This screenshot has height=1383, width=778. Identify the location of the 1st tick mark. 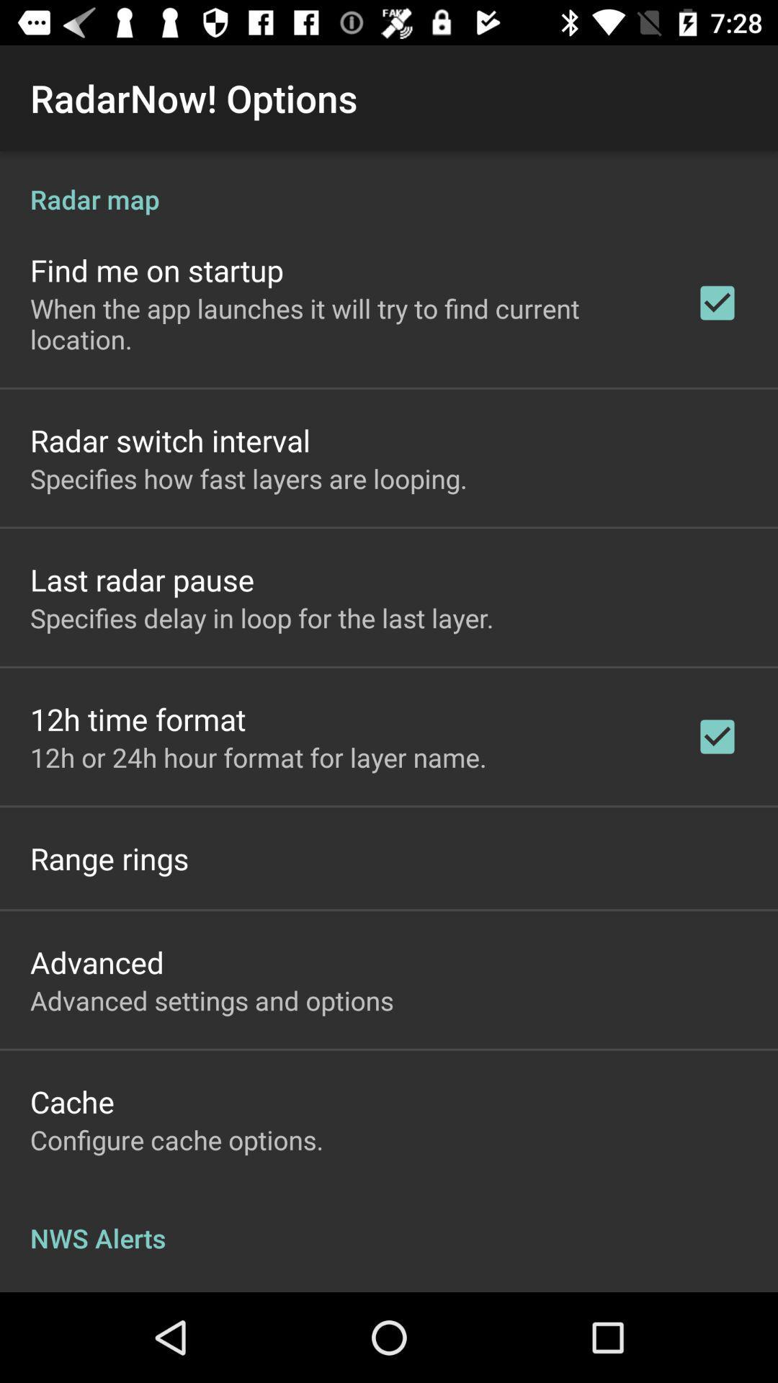
(717, 303).